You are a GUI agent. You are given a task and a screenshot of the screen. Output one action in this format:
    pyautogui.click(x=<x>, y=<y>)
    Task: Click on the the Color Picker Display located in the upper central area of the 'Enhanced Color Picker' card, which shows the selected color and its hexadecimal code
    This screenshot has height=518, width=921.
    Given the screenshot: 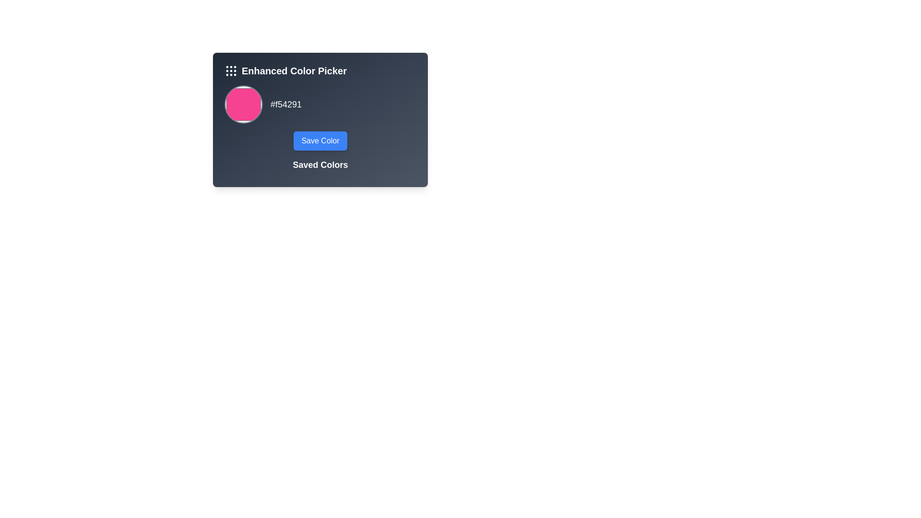 What is the action you would take?
    pyautogui.click(x=320, y=105)
    